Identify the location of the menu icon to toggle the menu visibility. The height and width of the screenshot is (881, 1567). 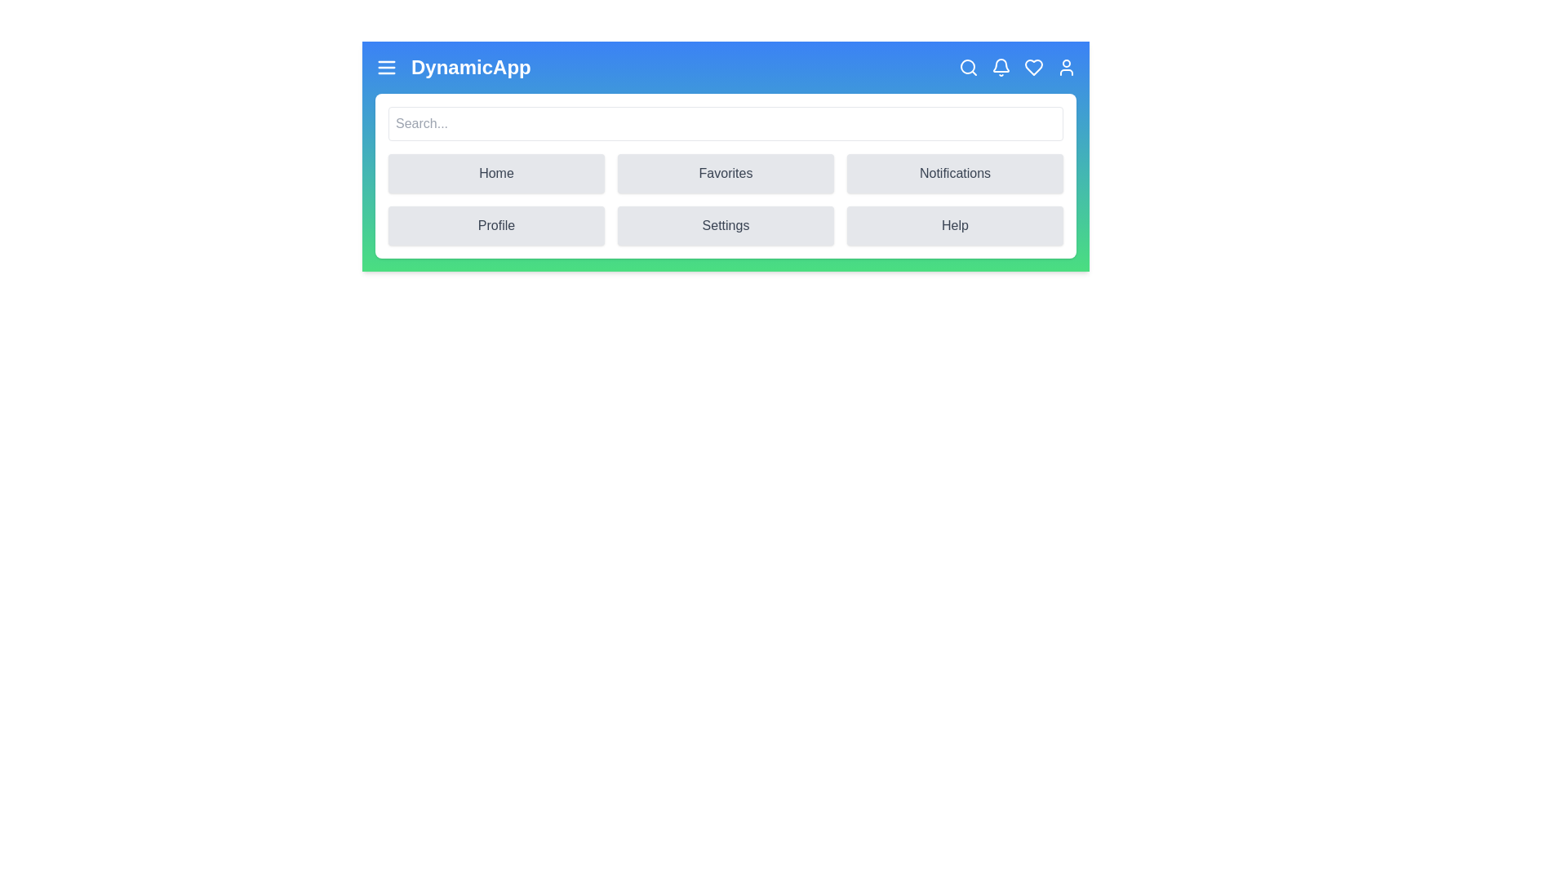
(386, 67).